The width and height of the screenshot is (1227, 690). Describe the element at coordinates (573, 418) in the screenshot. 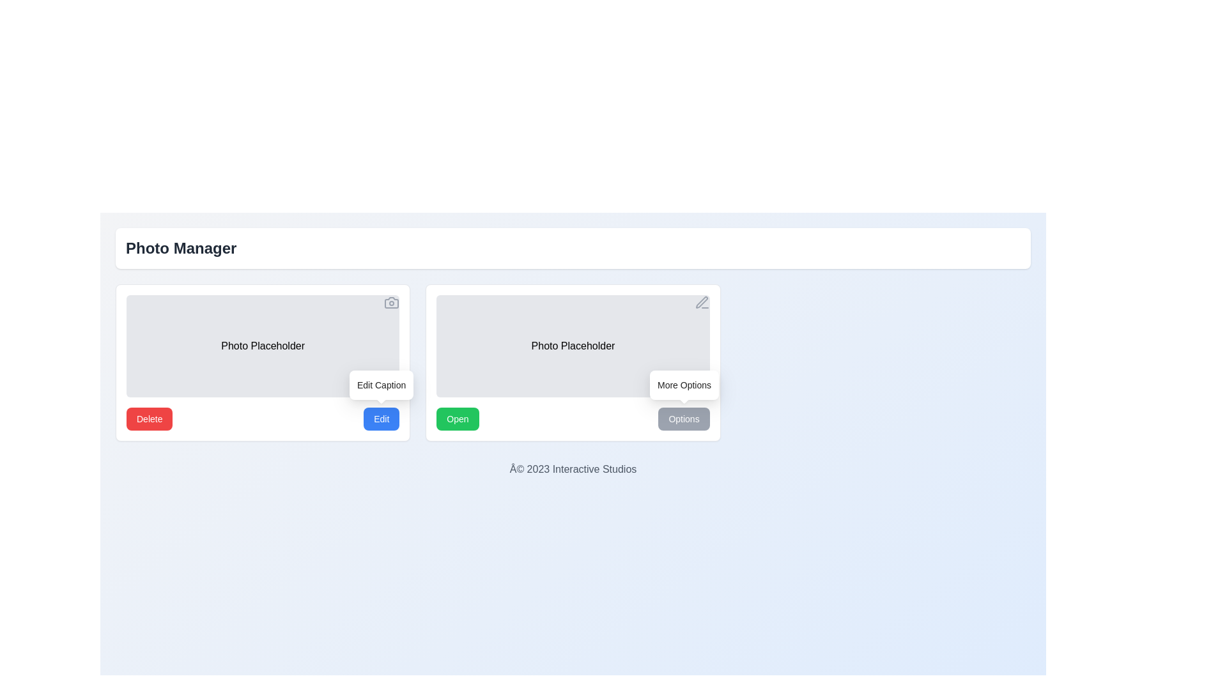

I see `the 'Open' or 'Options' button in the Navigation bar related to the 'Photo Placeholder'` at that location.